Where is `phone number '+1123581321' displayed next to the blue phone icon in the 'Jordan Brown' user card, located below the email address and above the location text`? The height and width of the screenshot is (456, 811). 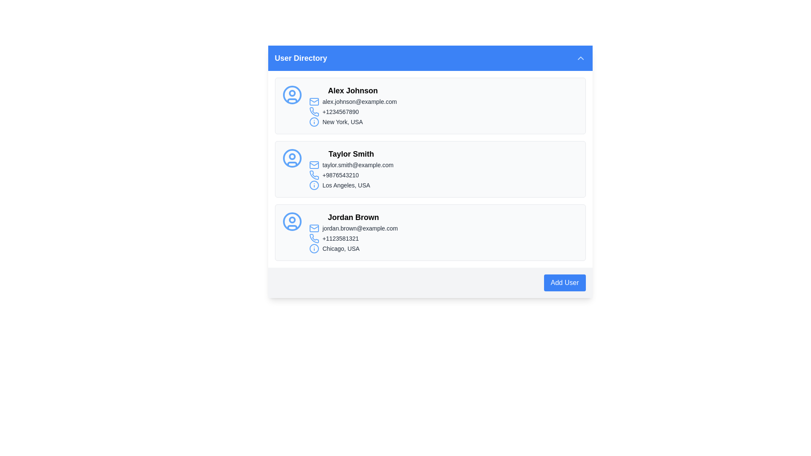
phone number '+1123581321' displayed next to the blue phone icon in the 'Jordan Brown' user card, located below the email address and above the location text is located at coordinates (353, 238).